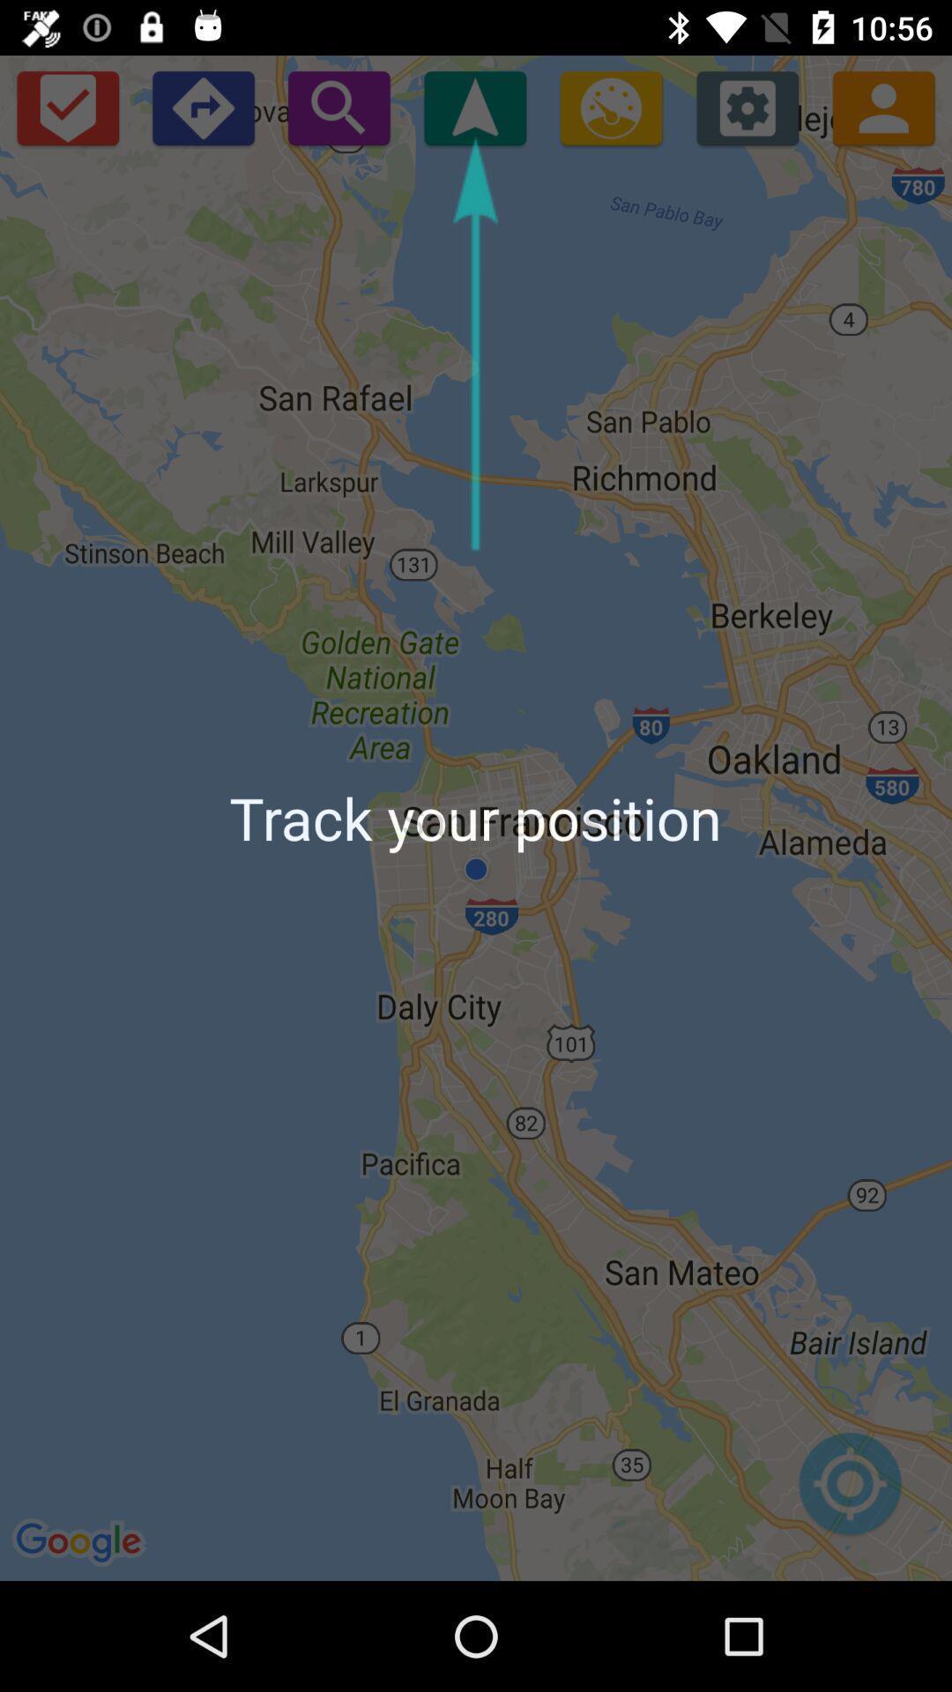 This screenshot has width=952, height=1692. Describe the element at coordinates (849, 1492) in the screenshot. I see `the location_crosshair icon` at that location.